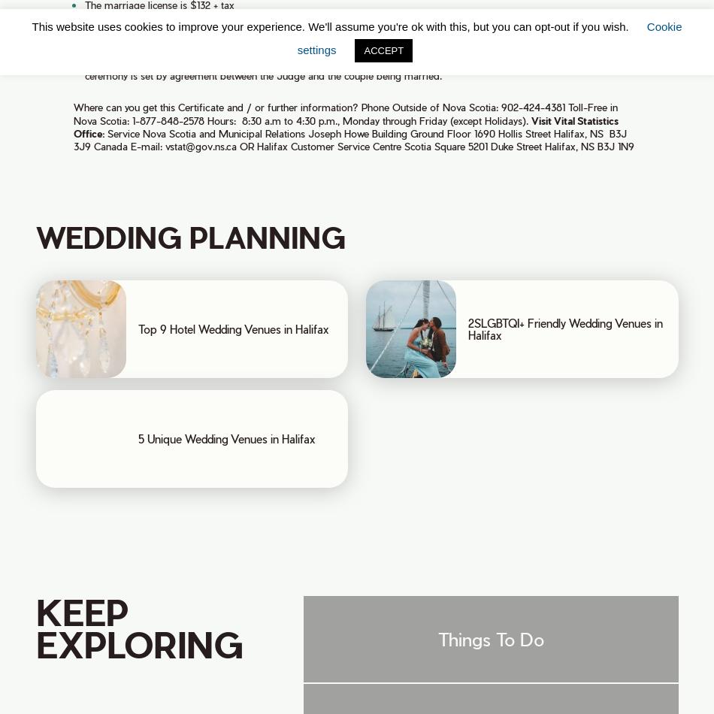 The height and width of the screenshot is (714, 714). I want to click on '5 Unique Wedding Venues in Halifax', so click(225, 438).